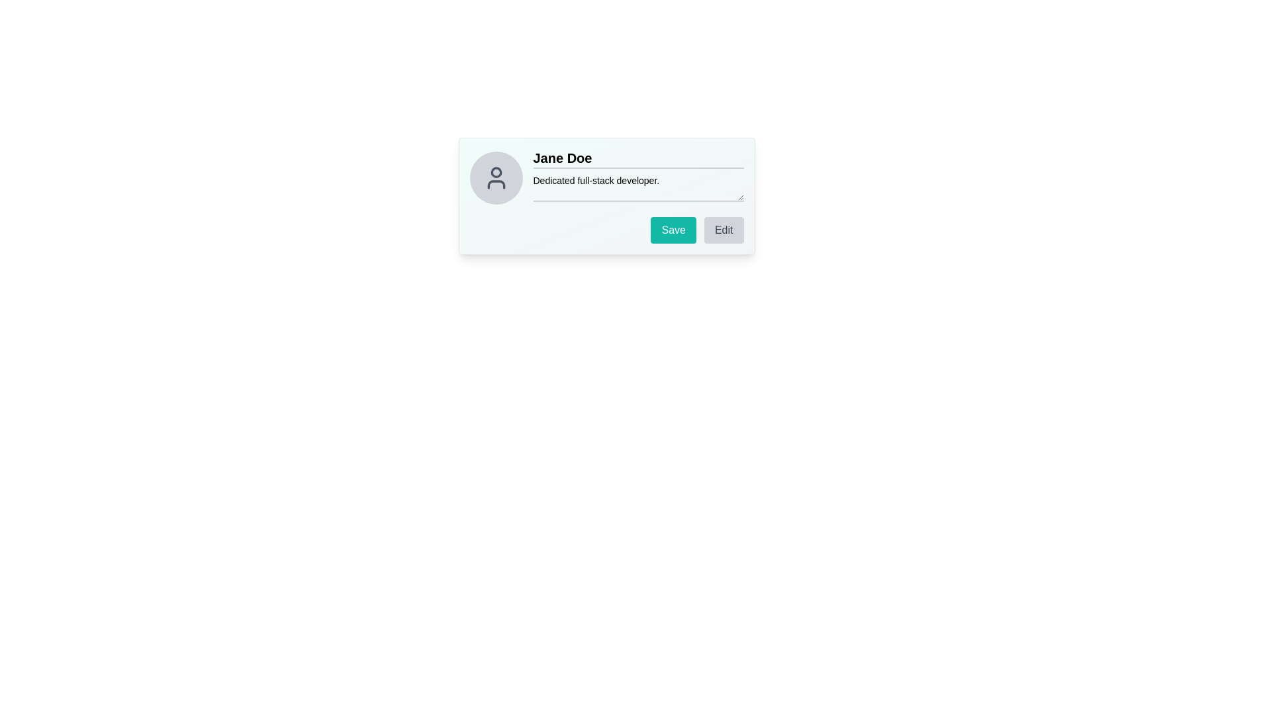 The image size is (1271, 715). What do you see at coordinates (638, 188) in the screenshot?
I see `the text input field for the user's job title located below 'Jane Doe'` at bounding box center [638, 188].